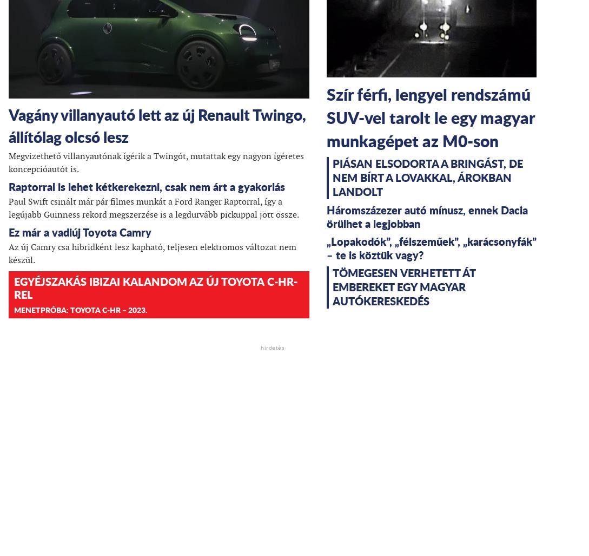 The width and height of the screenshot is (589, 556). I want to click on 'Raptorral is lehet kétkerekezni, csak nem árt a gyakorlás', so click(146, 186).